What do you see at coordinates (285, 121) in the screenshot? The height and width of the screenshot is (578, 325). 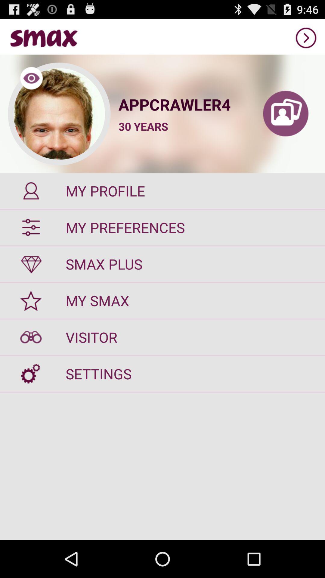 I see `the wallpaper icon` at bounding box center [285, 121].